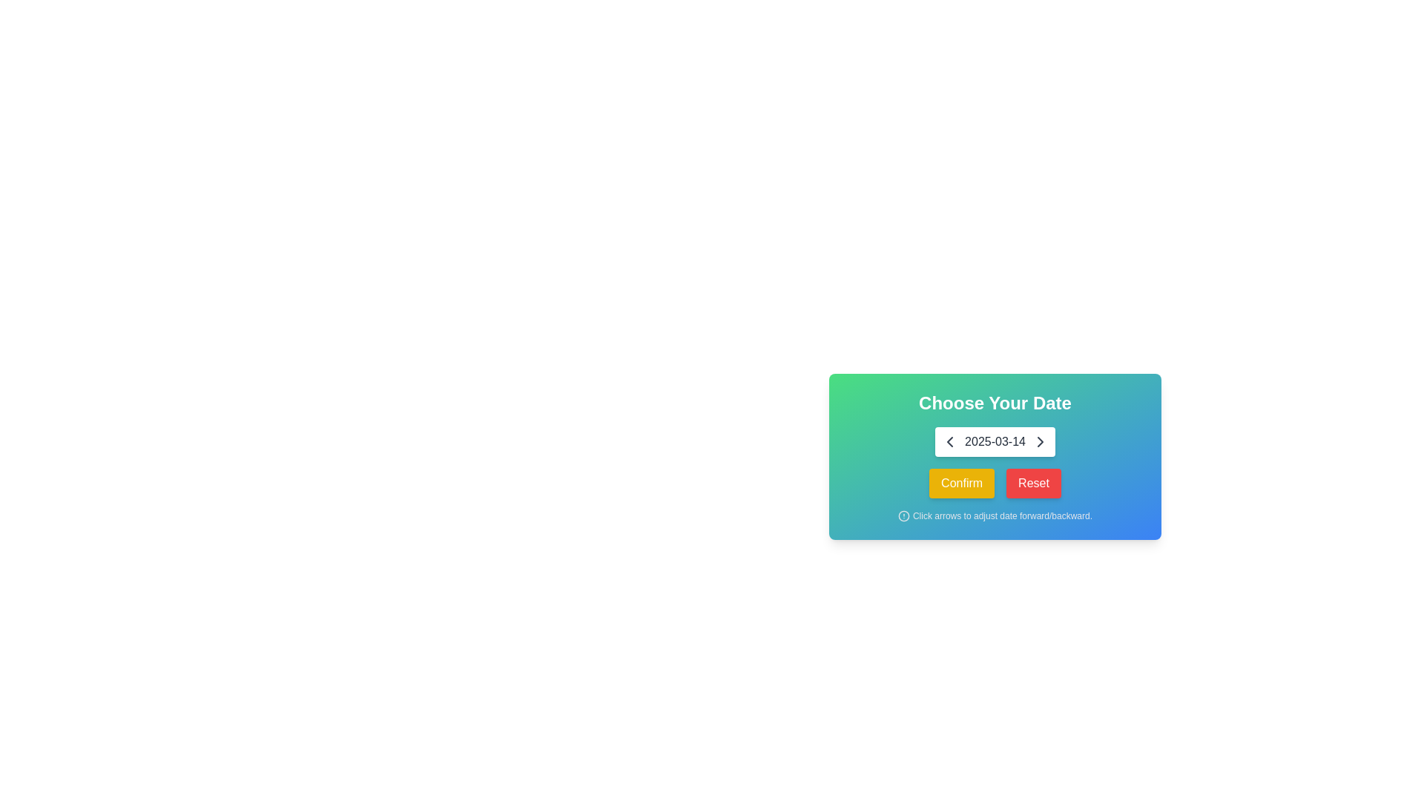  Describe the element at coordinates (995, 441) in the screenshot. I see `the date displayed in the white rounded box labeled '2025-03-14' located beneath the 'Choose Your Date' heading` at that location.